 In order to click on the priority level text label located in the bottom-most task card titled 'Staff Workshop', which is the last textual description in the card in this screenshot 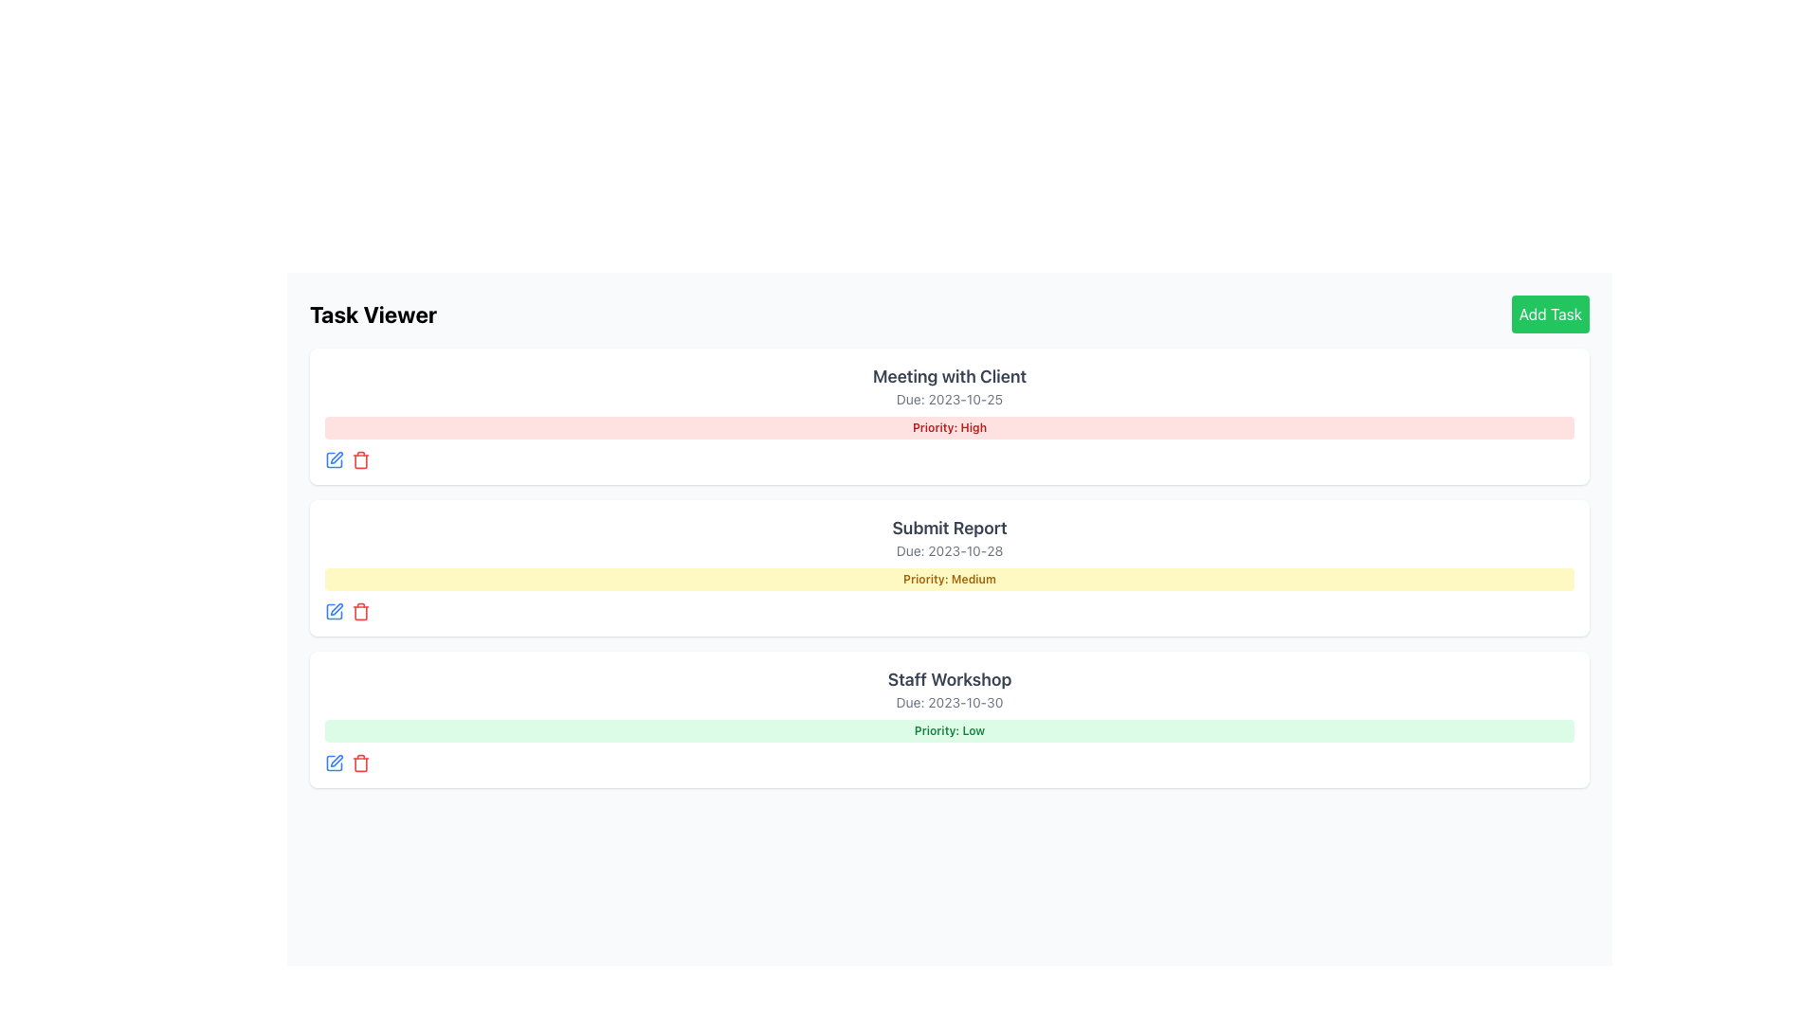, I will do `click(950, 729)`.